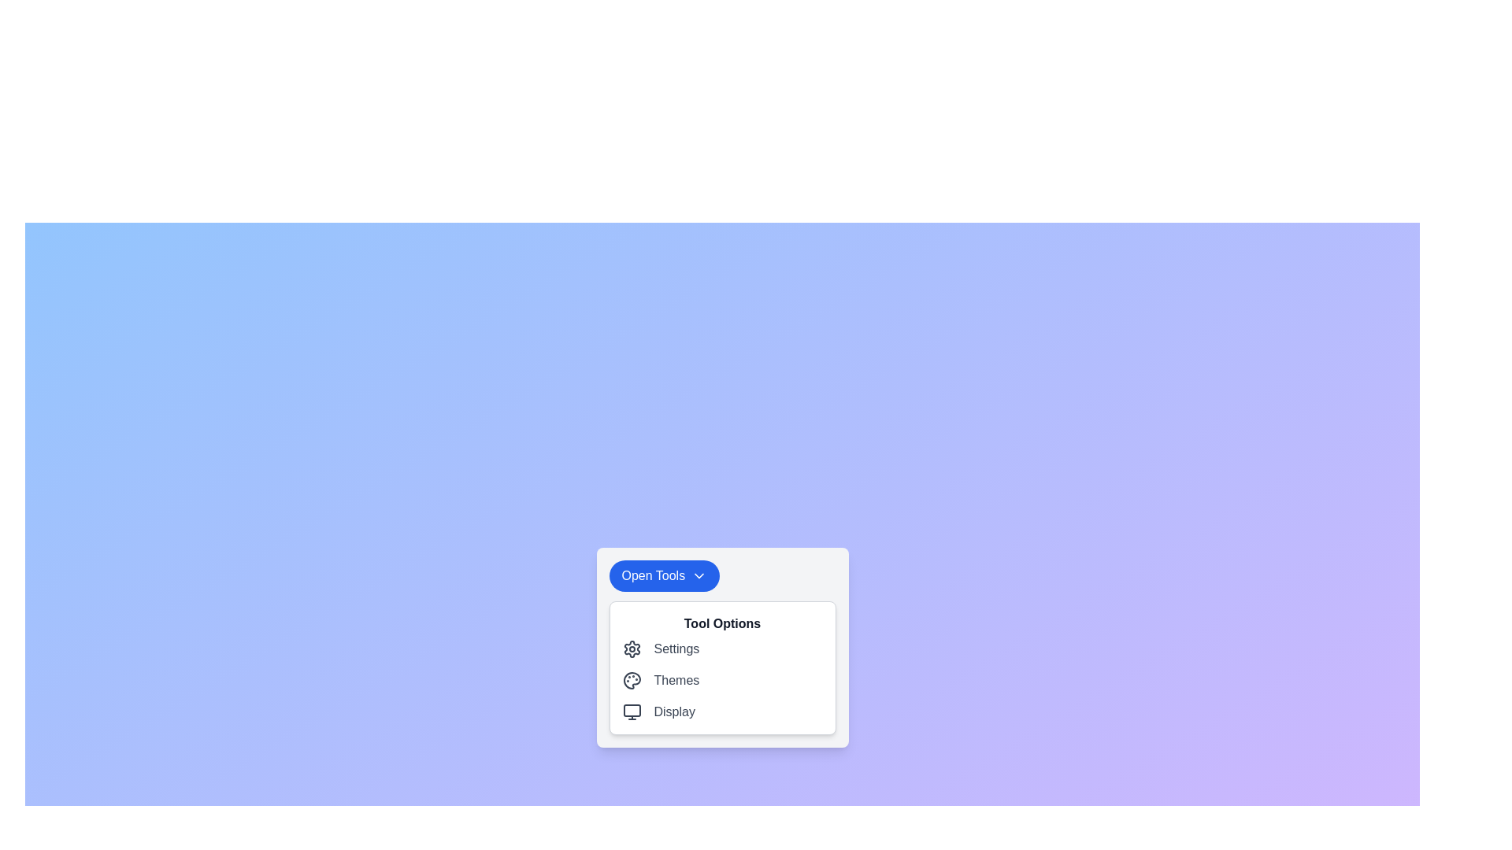  I want to click on the second row option labeled 'Themes' within the list menu, so click(721, 679).